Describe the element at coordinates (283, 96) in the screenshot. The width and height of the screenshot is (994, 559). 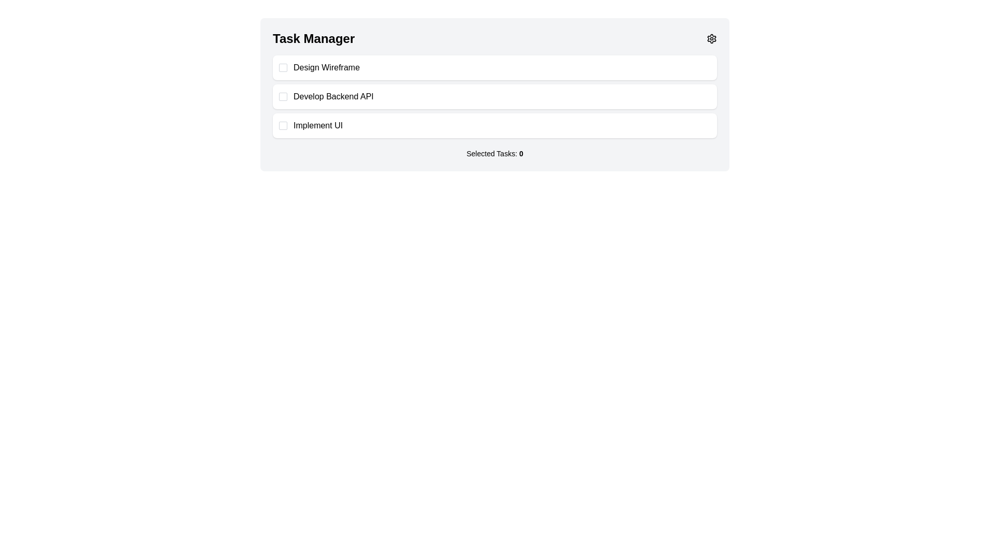
I see `the checkbox for the task 'Develop Backend API'` at that location.